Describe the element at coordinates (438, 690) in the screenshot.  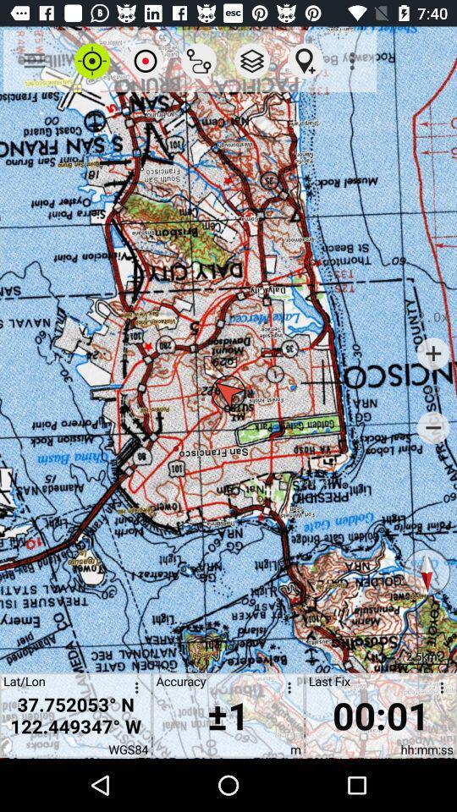
I see `settings` at that location.